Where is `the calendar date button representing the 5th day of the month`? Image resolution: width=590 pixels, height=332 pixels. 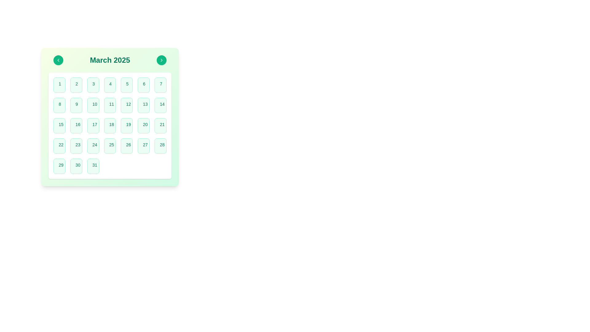 the calendar date button representing the 5th day of the month is located at coordinates (126, 85).